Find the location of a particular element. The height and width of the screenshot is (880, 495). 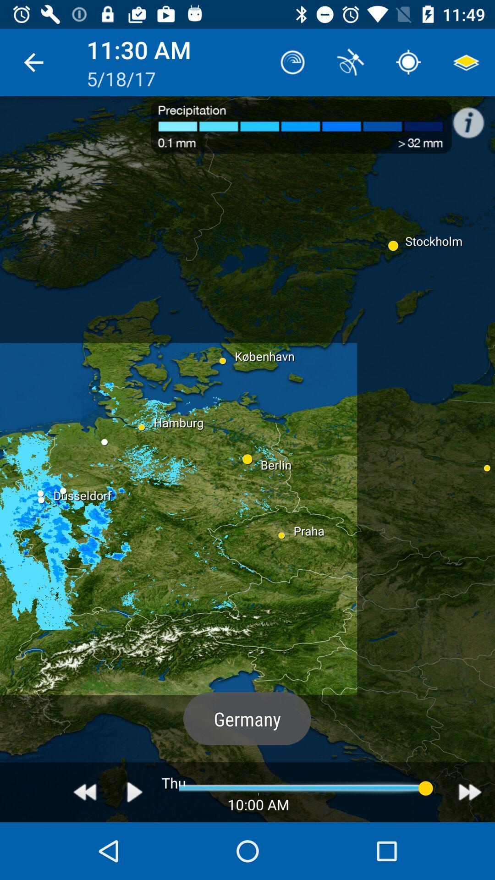

the info icon is located at coordinates (473, 117).